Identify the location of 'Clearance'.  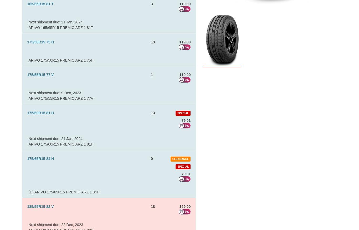
(180, 159).